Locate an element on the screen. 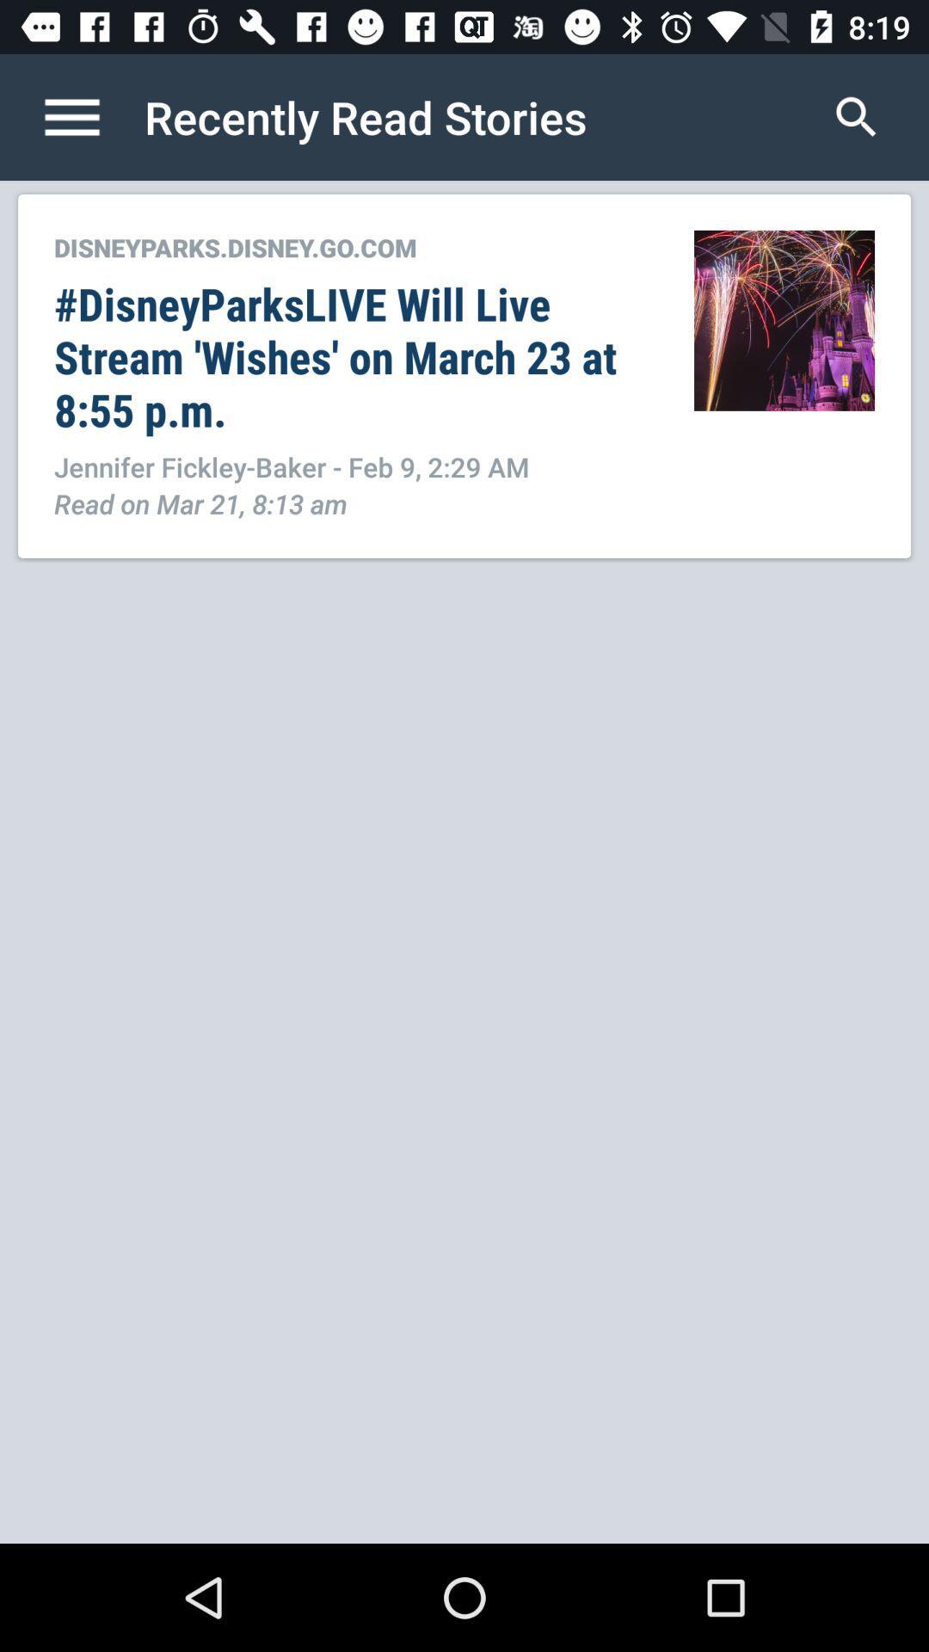  the disneyparks disney go is located at coordinates (354, 246).